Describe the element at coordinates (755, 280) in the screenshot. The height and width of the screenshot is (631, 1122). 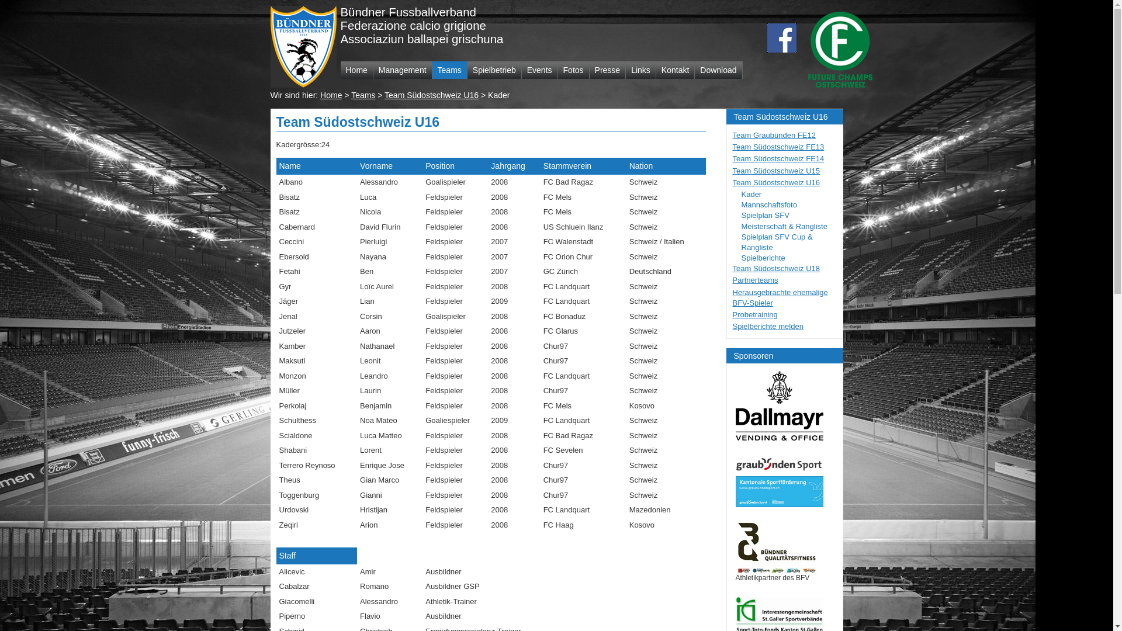
I see `'Partnerteams'` at that location.